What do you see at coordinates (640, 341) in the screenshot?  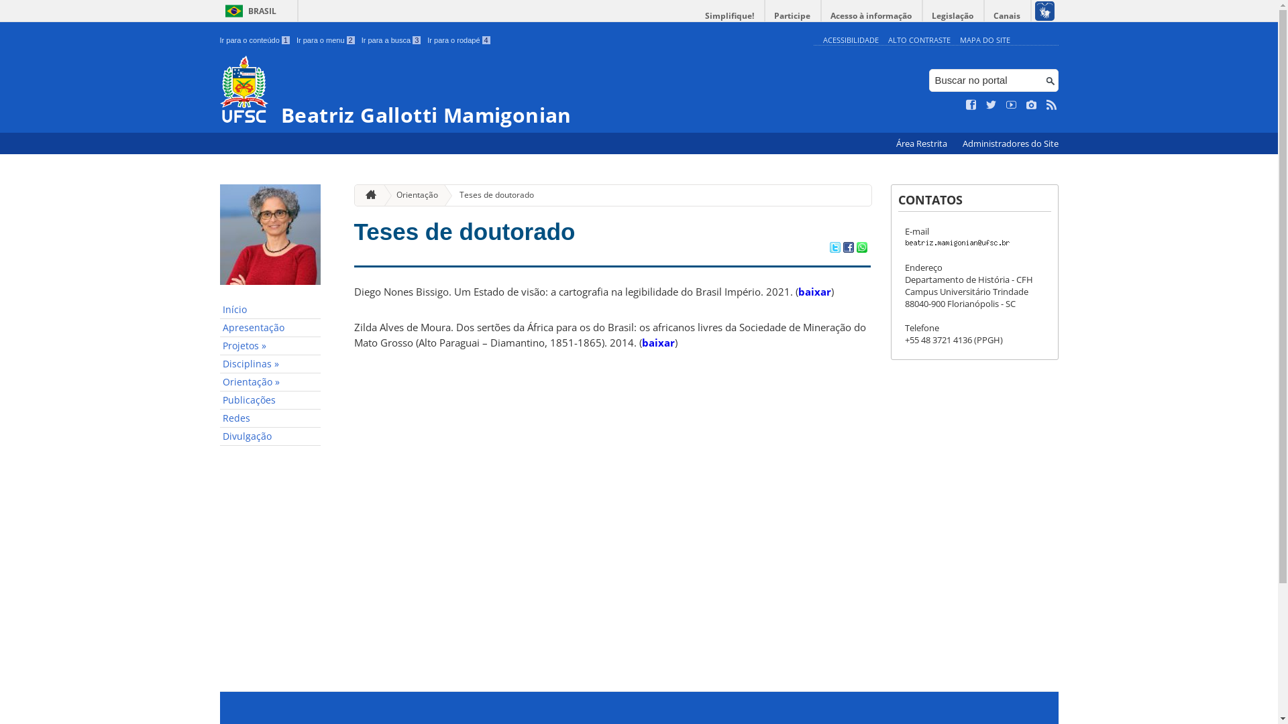 I see `'baixar'` at bounding box center [640, 341].